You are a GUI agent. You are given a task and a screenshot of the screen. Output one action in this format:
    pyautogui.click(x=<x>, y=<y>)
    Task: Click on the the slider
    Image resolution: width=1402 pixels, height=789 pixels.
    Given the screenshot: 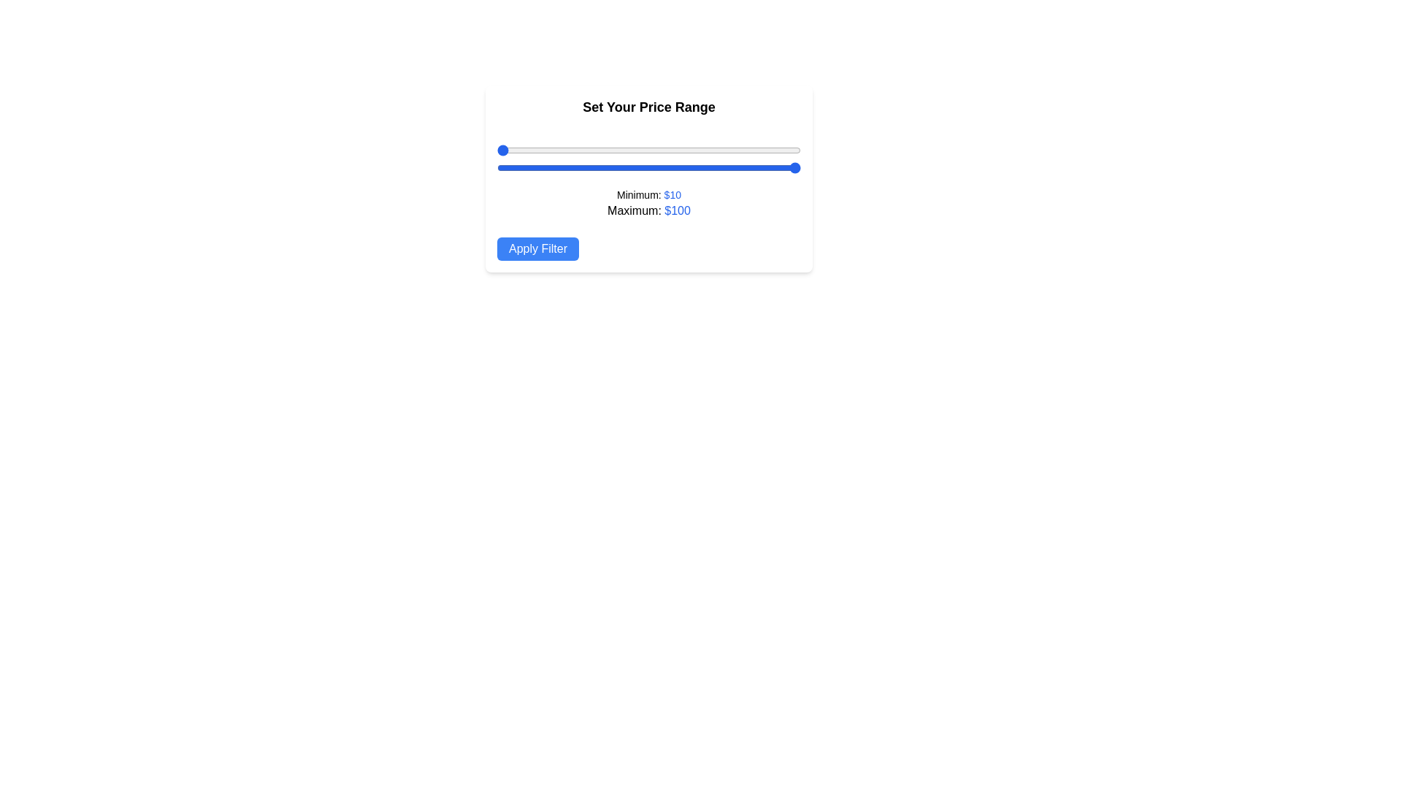 What is the action you would take?
    pyautogui.click(x=780, y=167)
    